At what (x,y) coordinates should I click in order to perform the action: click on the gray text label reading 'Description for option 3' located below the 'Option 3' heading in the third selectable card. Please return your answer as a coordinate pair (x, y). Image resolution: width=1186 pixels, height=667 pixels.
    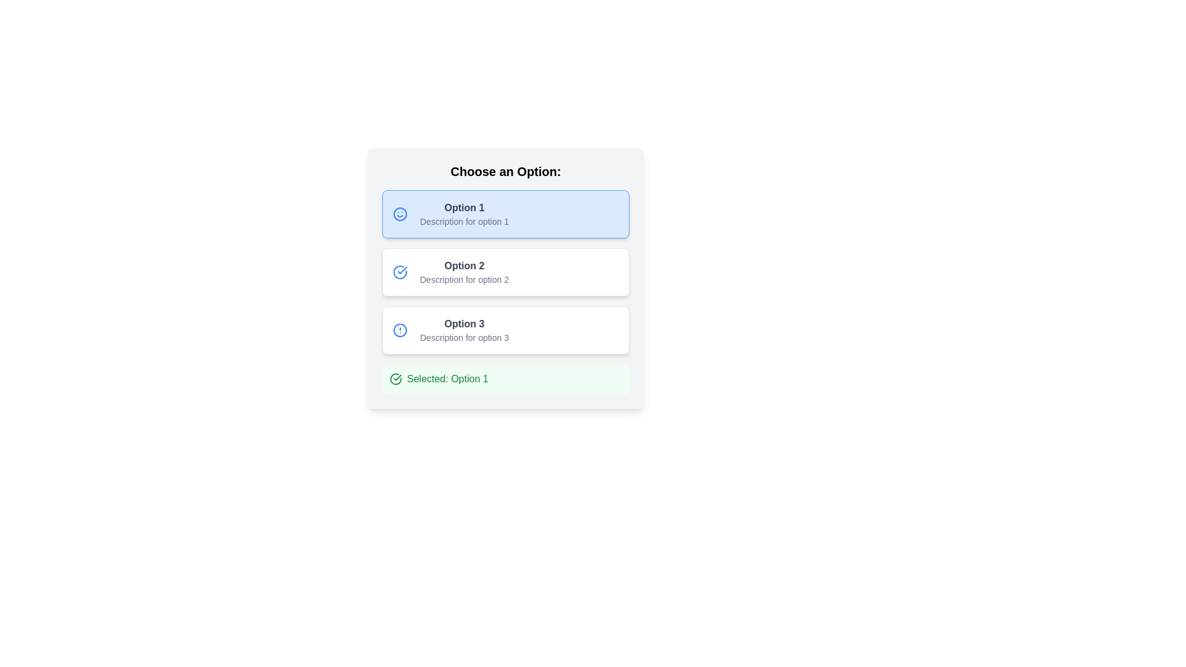
    Looking at the image, I should click on (464, 338).